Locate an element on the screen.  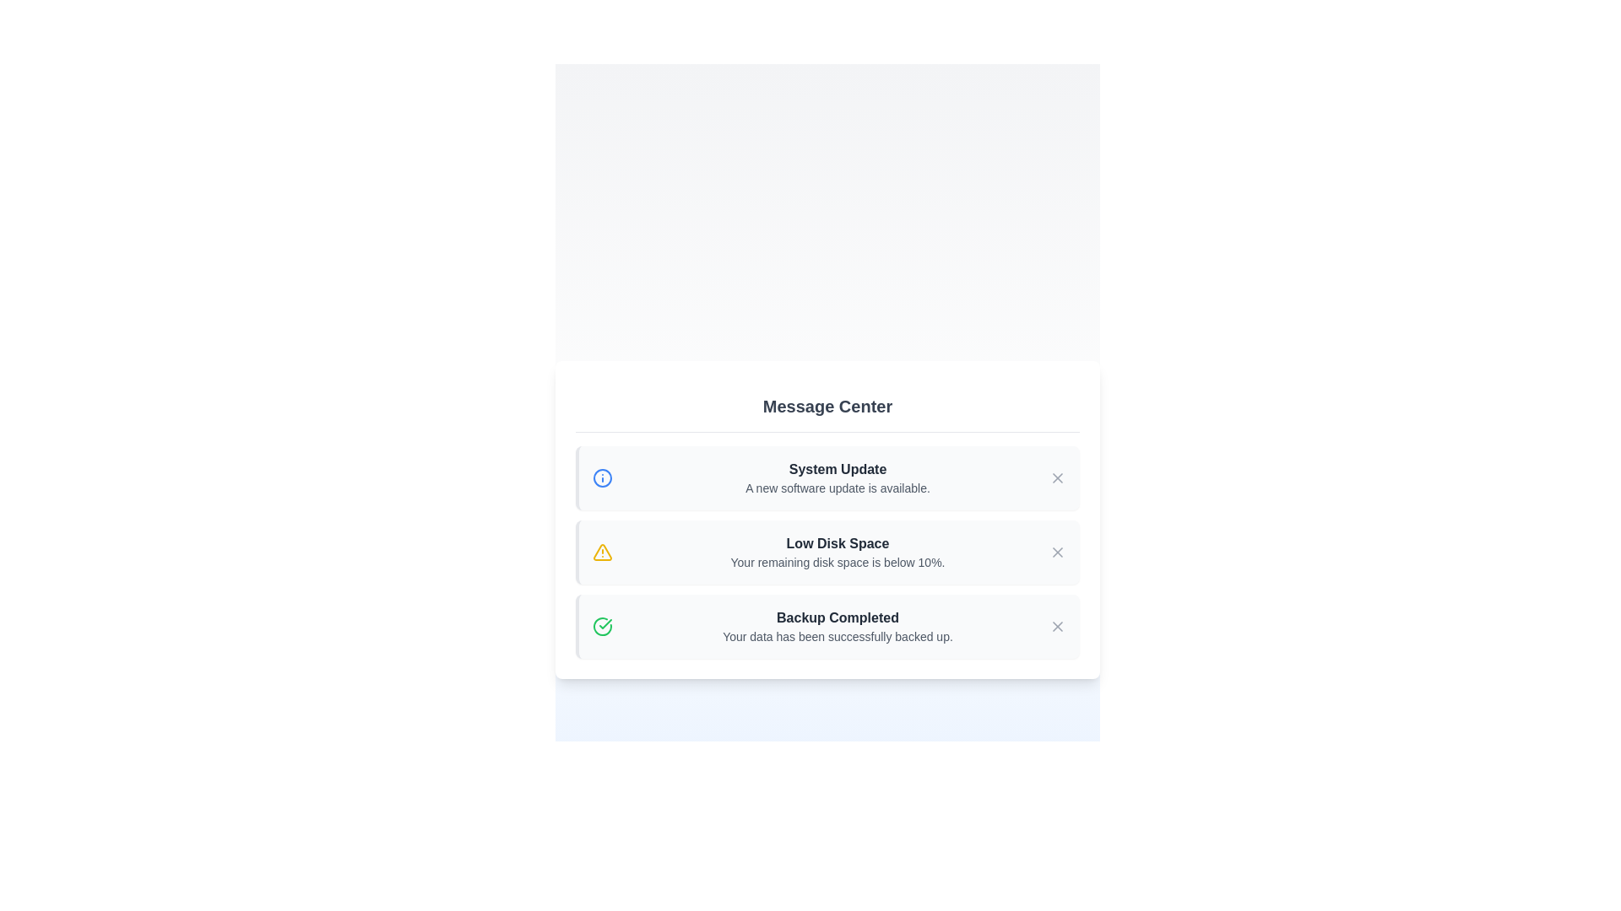
the dismiss button for the 'Low Disk Space' notification to allow for accessibility interactions is located at coordinates (1056, 552).